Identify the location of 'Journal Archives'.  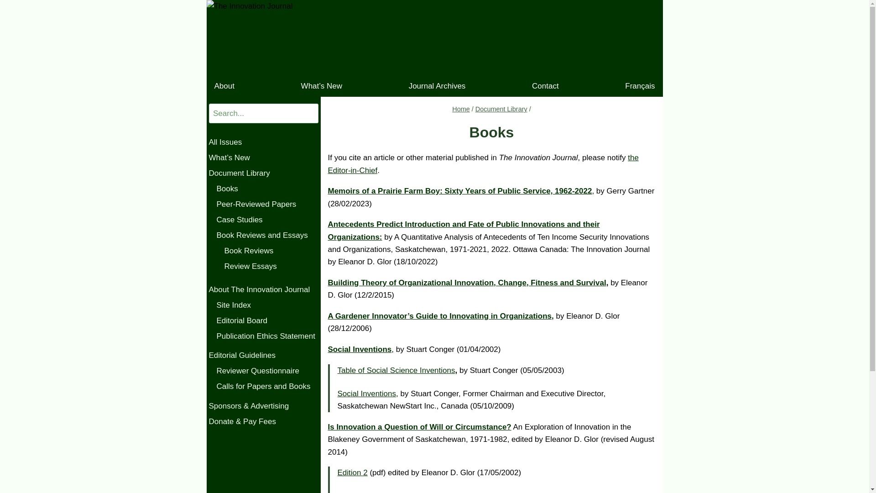
(437, 86).